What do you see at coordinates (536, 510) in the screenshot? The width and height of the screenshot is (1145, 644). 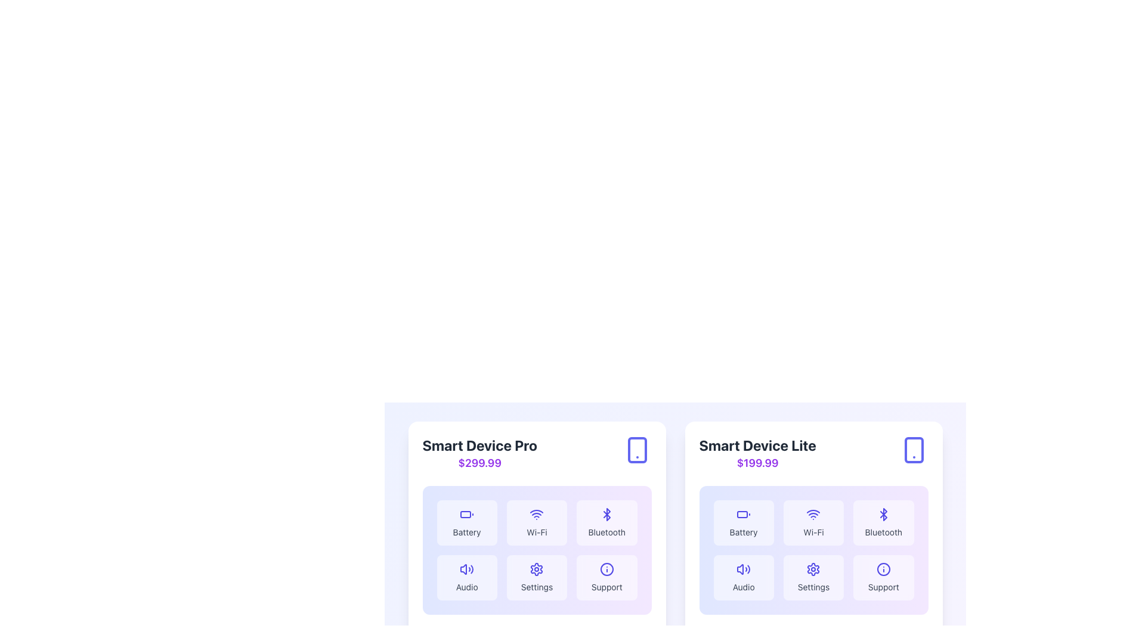 I see `the second arc of the Wi-Fi icon, which indicates wireless connectivity or network status` at bounding box center [536, 510].